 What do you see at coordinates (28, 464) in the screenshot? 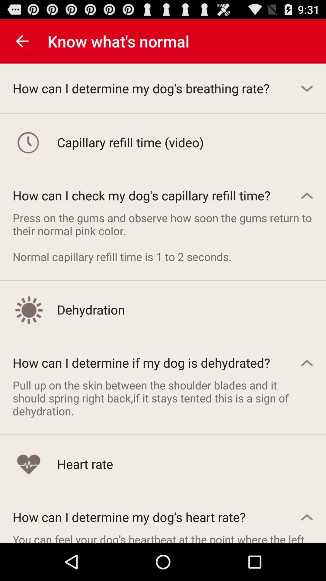
I see `the heart symbol to the left of the text heart rate` at bounding box center [28, 464].